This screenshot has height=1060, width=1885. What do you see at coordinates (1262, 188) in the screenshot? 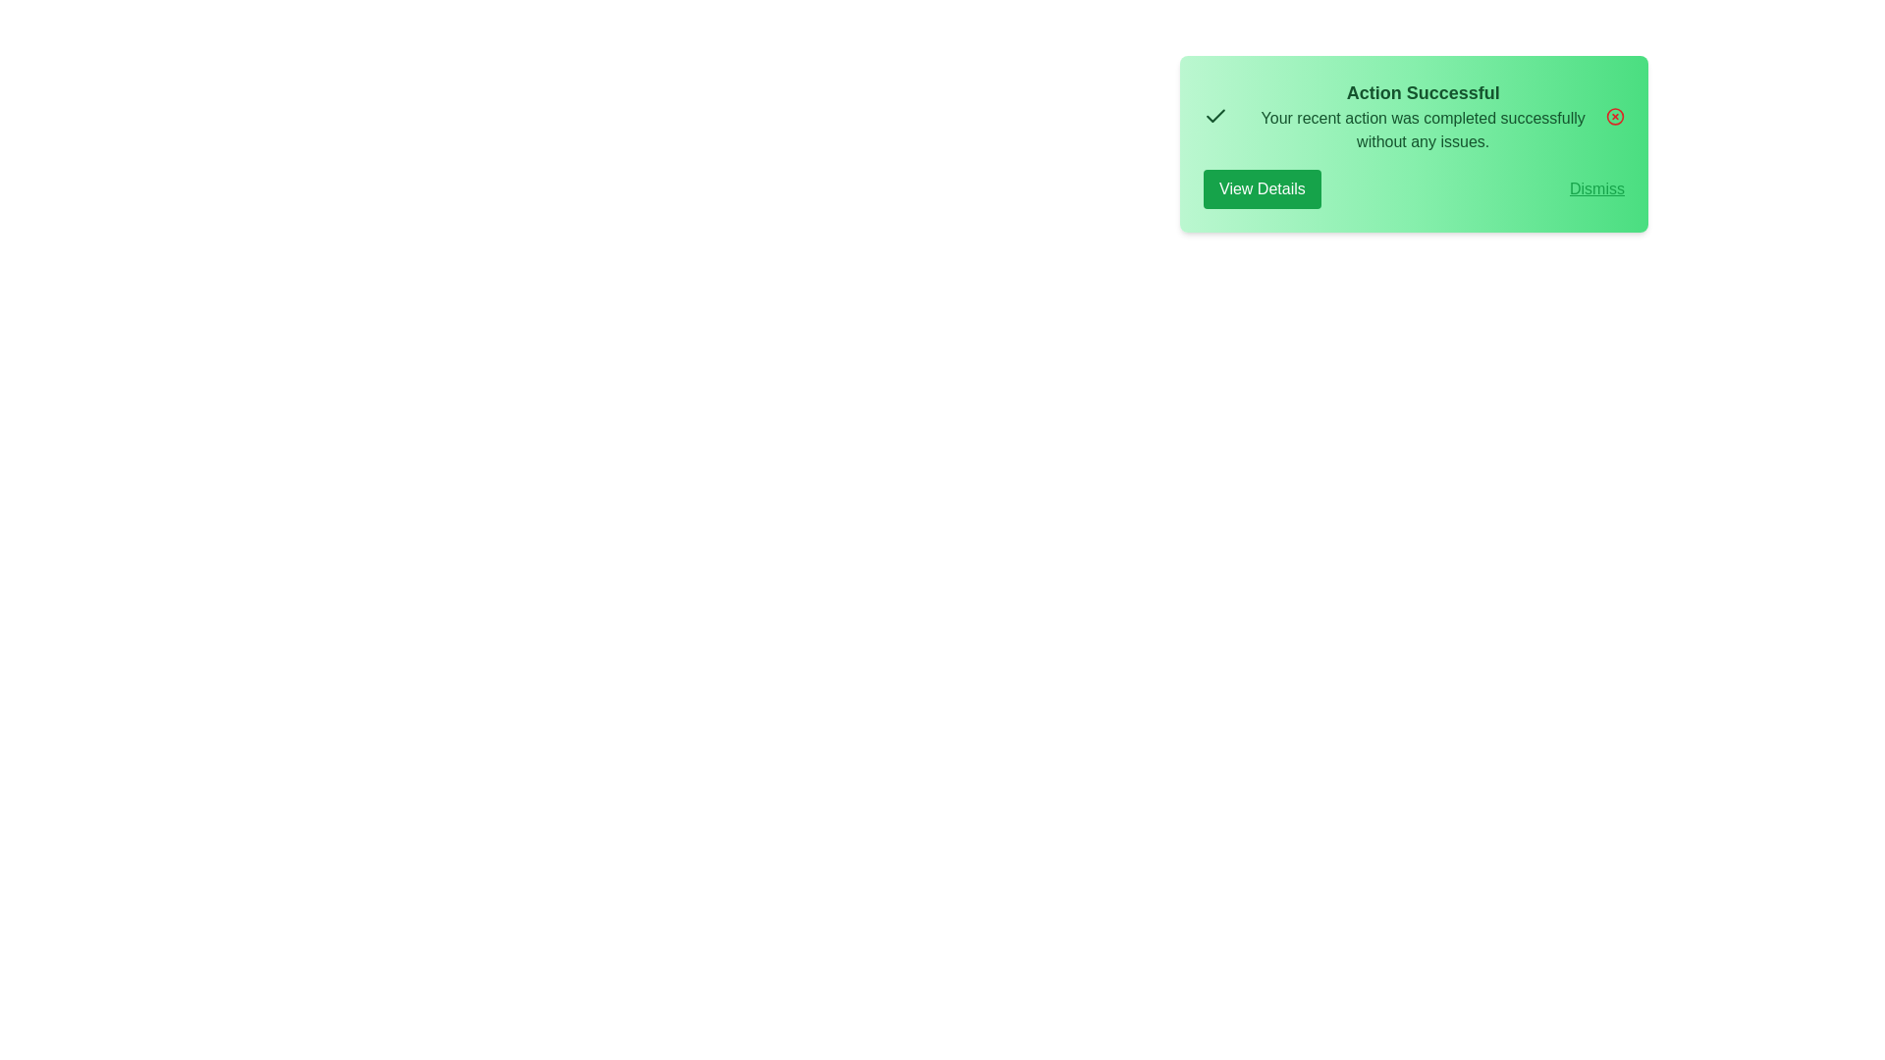
I see `the 'View Details' button to view additional information` at bounding box center [1262, 188].